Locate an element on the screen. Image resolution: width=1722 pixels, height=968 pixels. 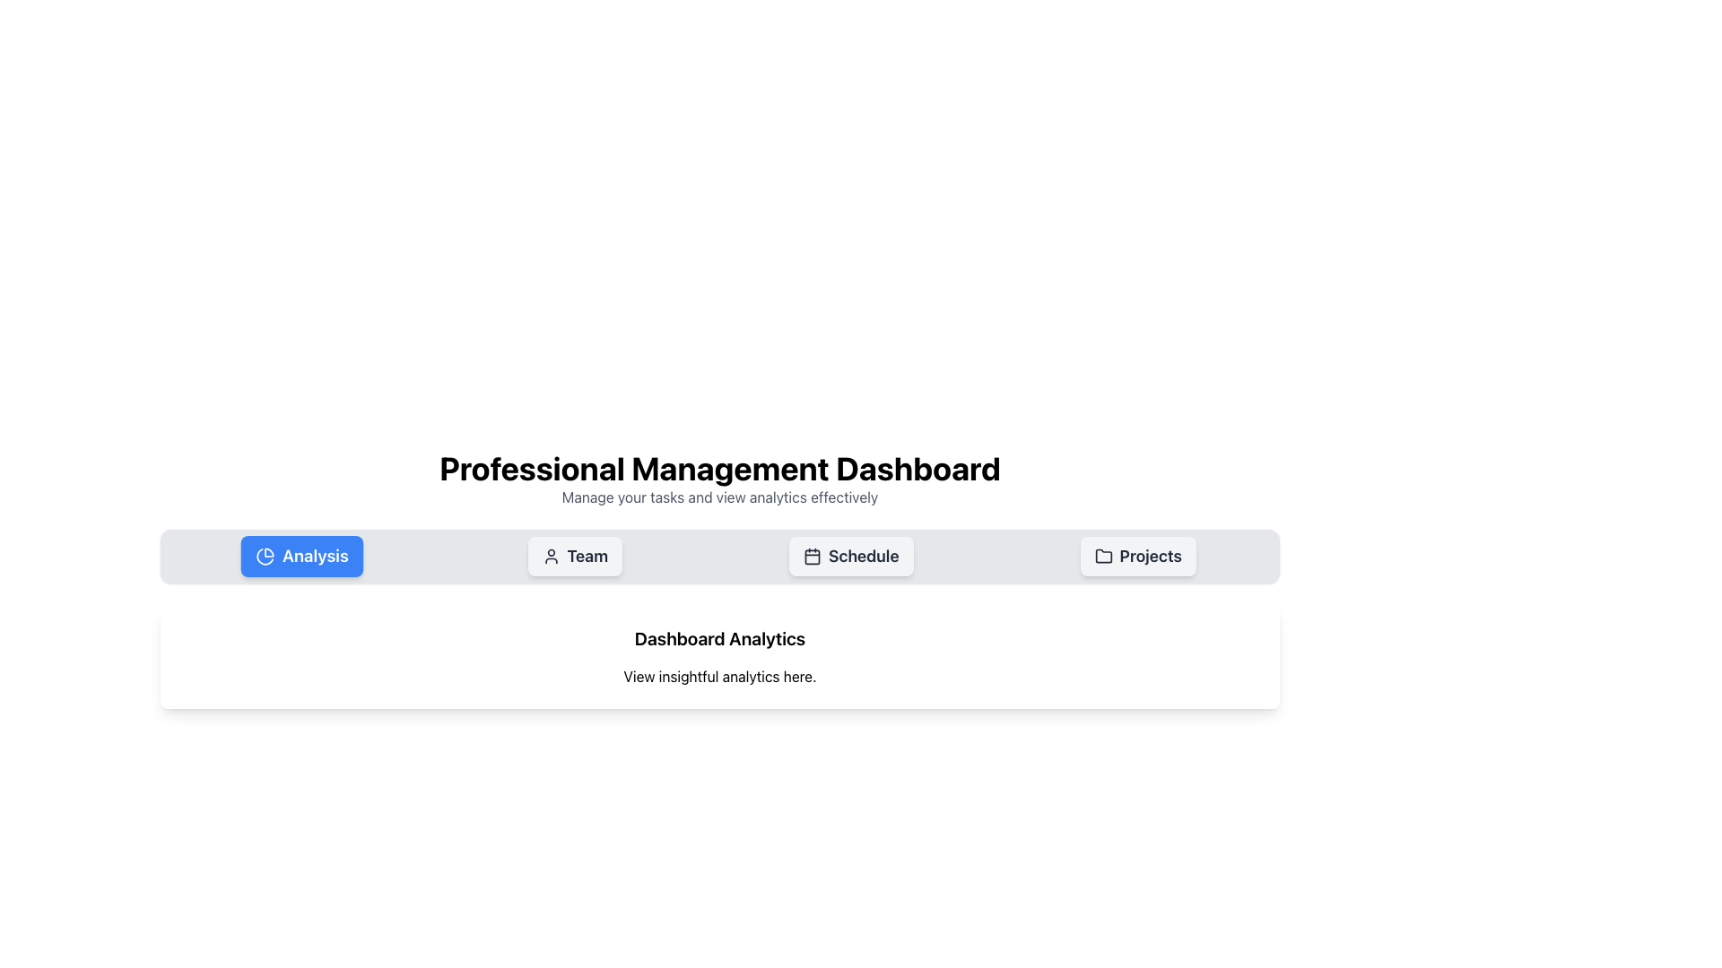
the decorative graphical icon located to the left of the 'Analysis' button text is located at coordinates (264, 556).